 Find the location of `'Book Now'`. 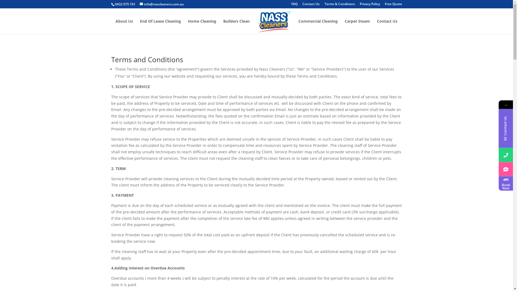

'Book Now' is located at coordinates (505, 183).